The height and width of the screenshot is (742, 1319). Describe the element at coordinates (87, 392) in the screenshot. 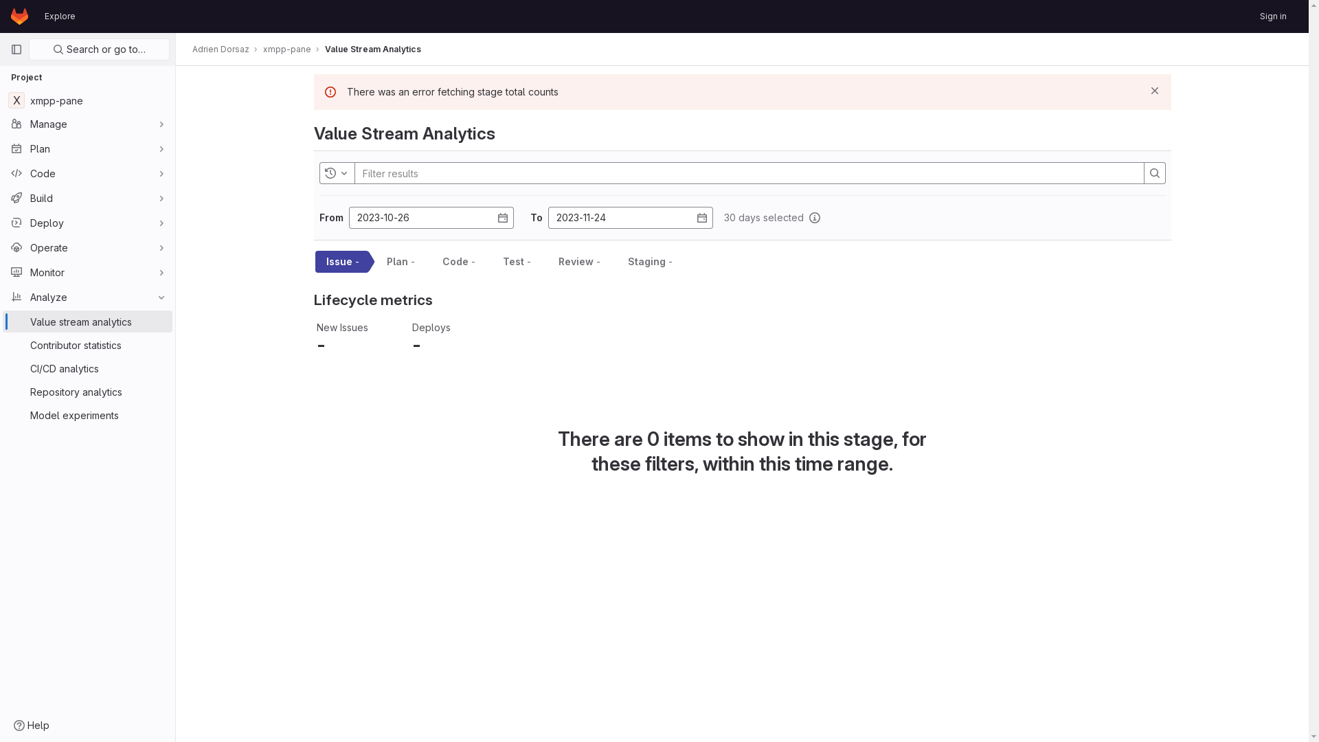

I see `'Repository analytics'` at that location.